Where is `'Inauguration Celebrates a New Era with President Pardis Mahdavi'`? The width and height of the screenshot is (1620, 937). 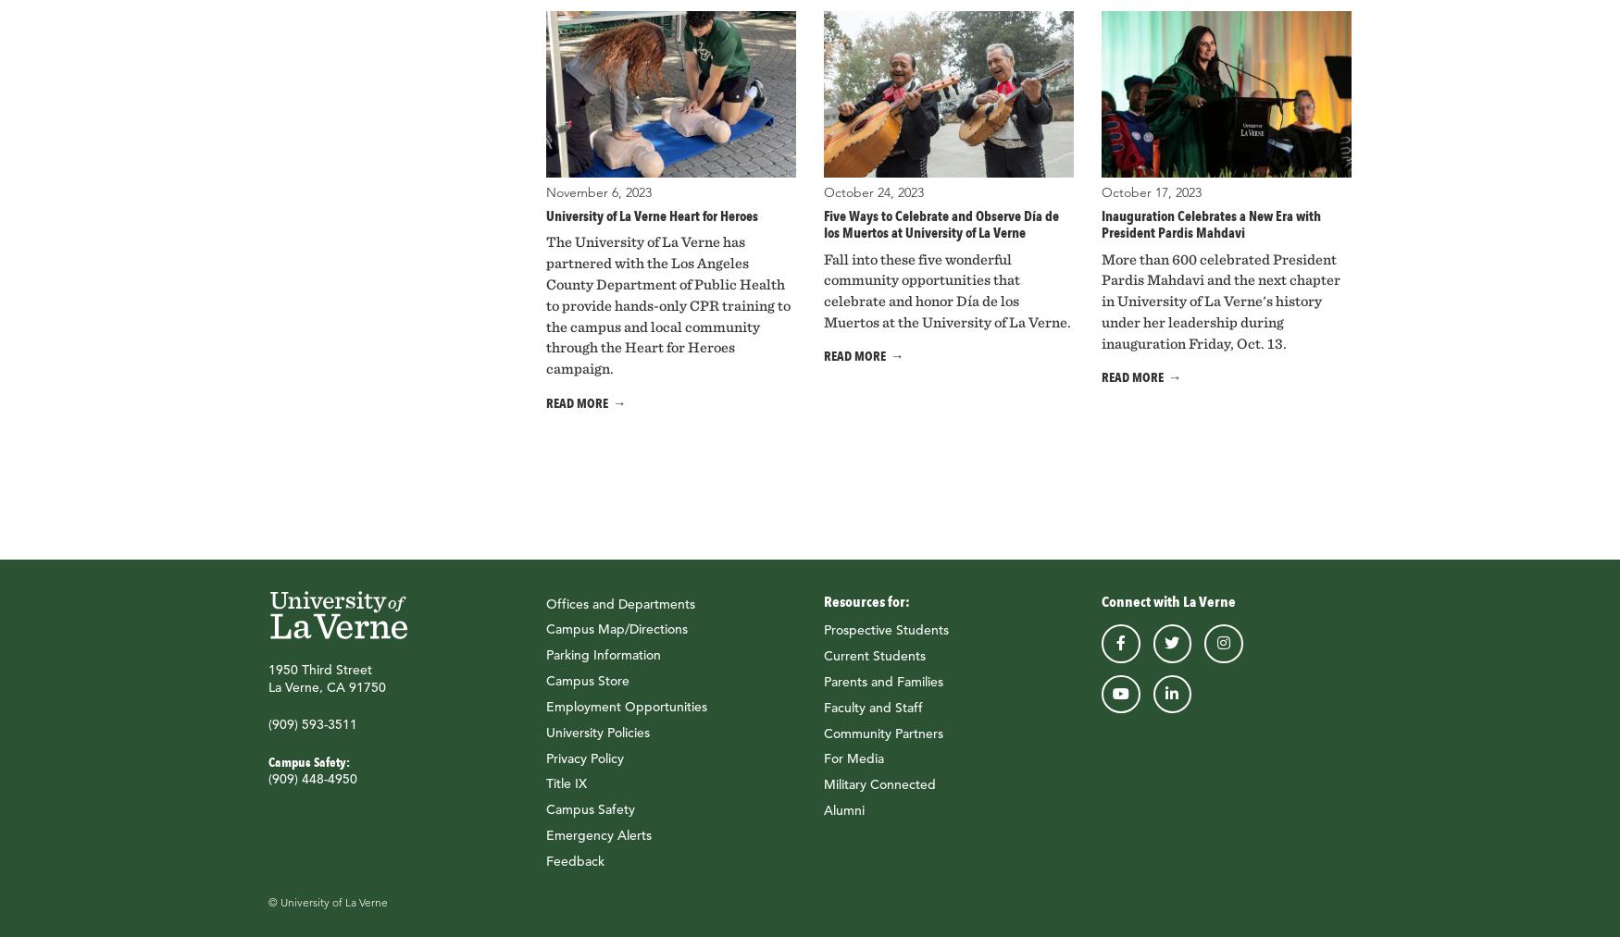 'Inauguration Celebrates a New Era with President Pardis Mahdavi' is located at coordinates (1209, 223).